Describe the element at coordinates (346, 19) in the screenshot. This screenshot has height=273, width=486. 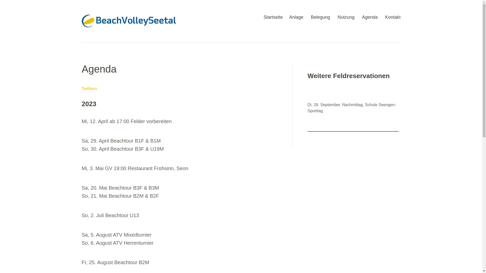
I see `'Nutzung'` at that location.